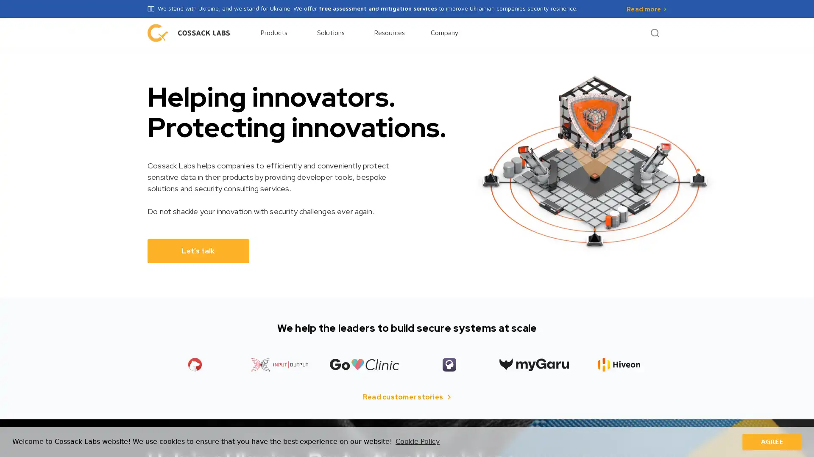 The image size is (814, 457). Describe the element at coordinates (198, 250) in the screenshot. I see `Lets talk` at that location.